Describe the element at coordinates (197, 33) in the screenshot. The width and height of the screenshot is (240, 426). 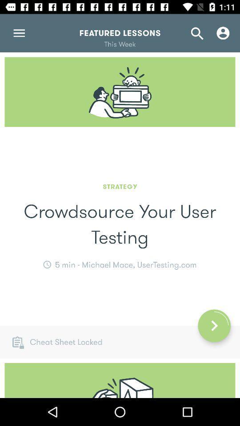
I see `the search icon` at that location.